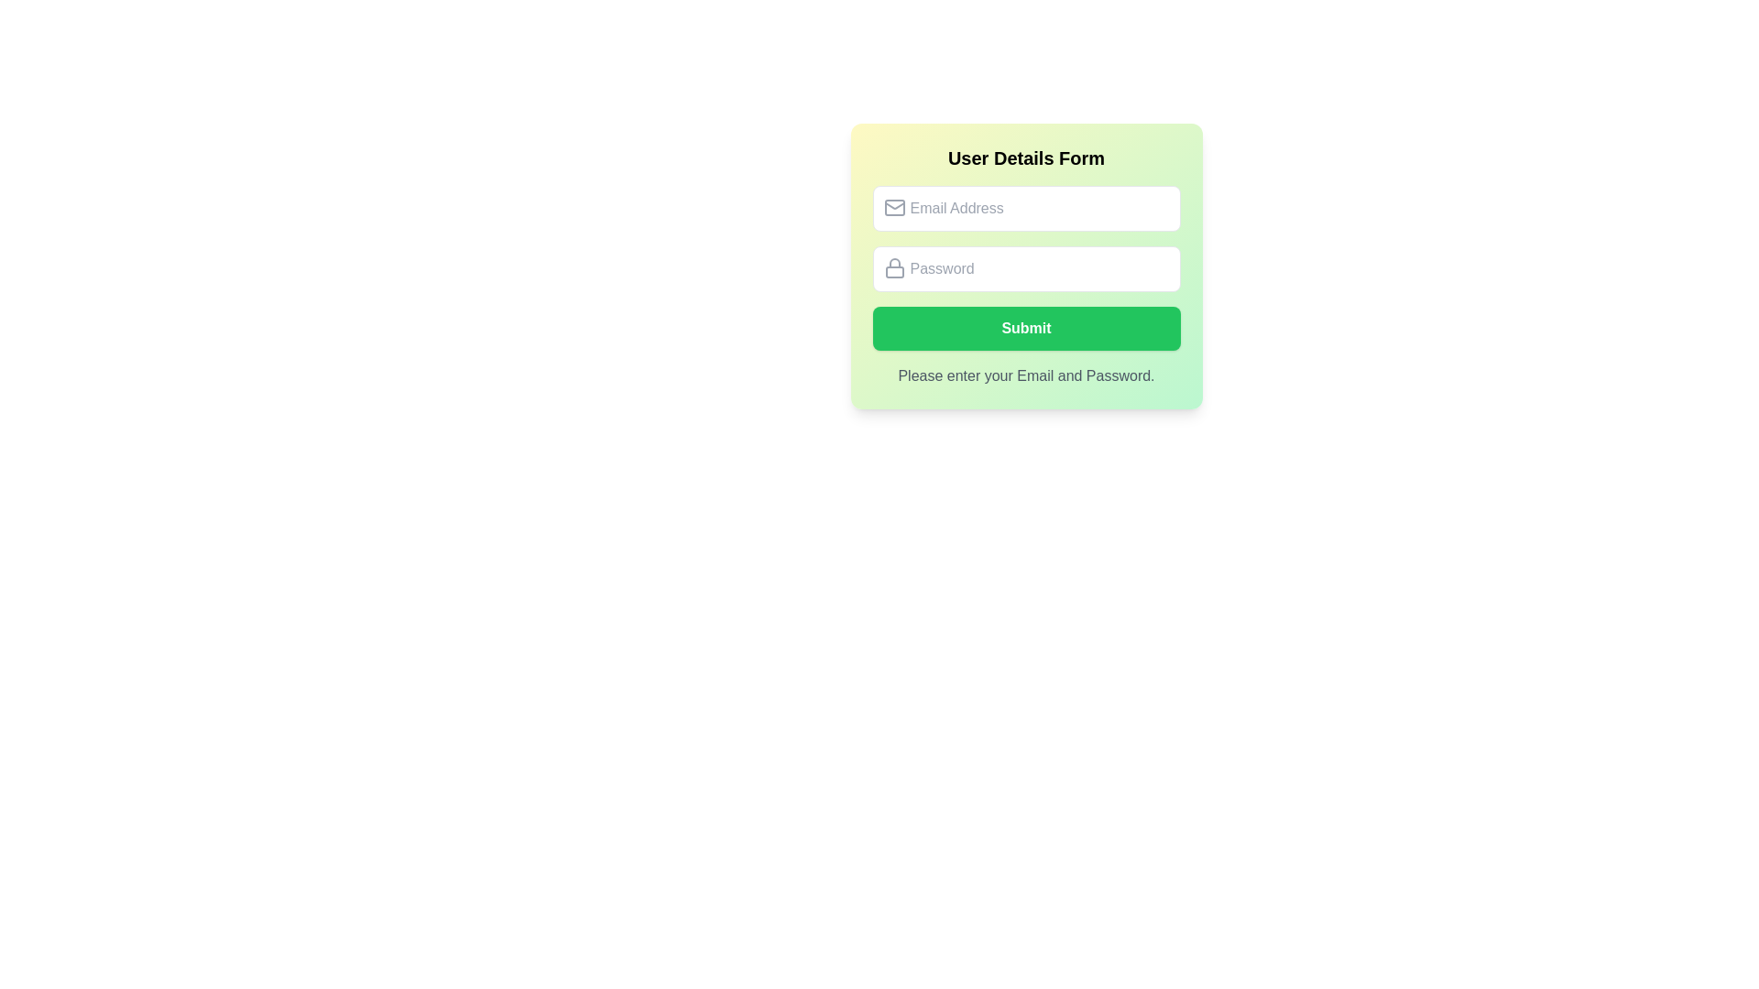 The height and width of the screenshot is (989, 1759). Describe the element at coordinates (894, 207) in the screenshot. I see `the main rectangular body of the envelope-shaped icon located to the left of the 'Email Address' text input field` at that location.